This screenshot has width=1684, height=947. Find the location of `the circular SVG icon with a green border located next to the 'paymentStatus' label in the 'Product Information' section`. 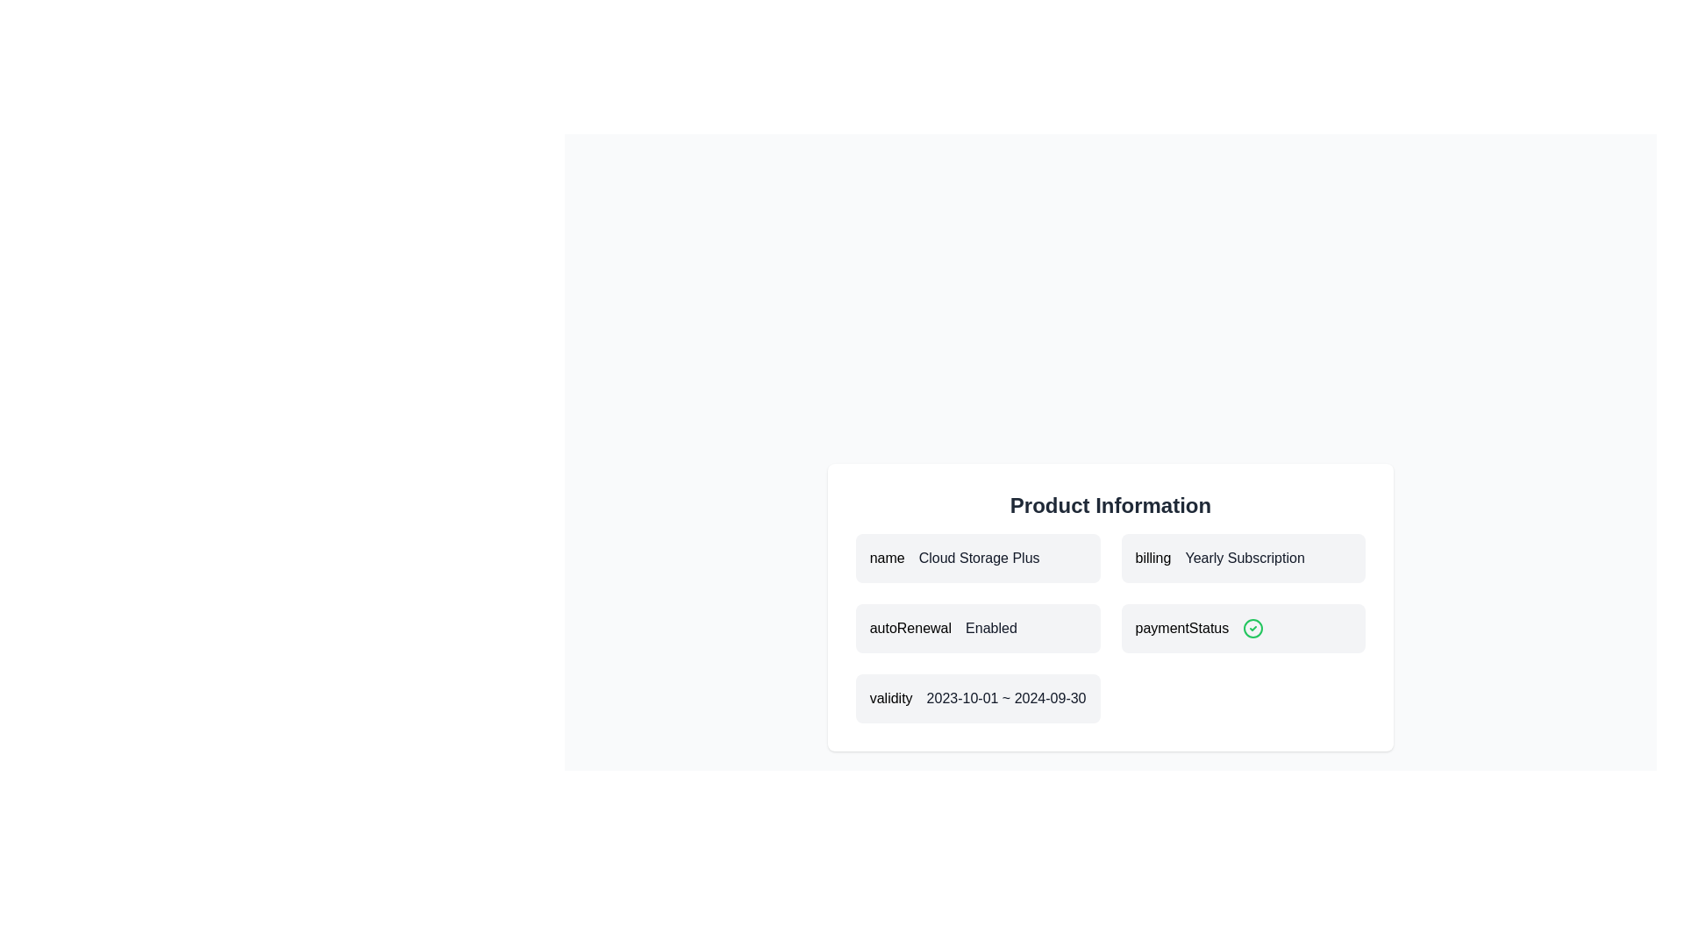

the circular SVG icon with a green border located next to the 'paymentStatus' label in the 'Product Information' section is located at coordinates (1252, 628).